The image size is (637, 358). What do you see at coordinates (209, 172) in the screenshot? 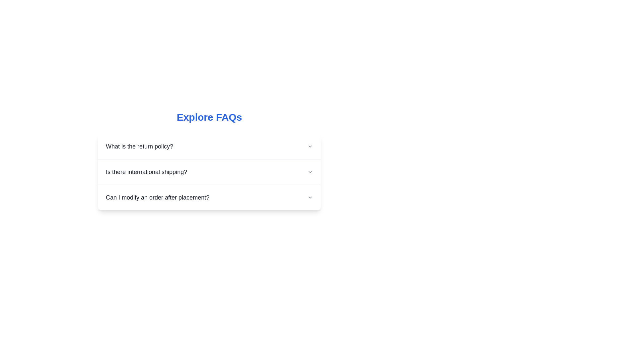
I see `the second clickable question in the FAQ section` at bounding box center [209, 172].